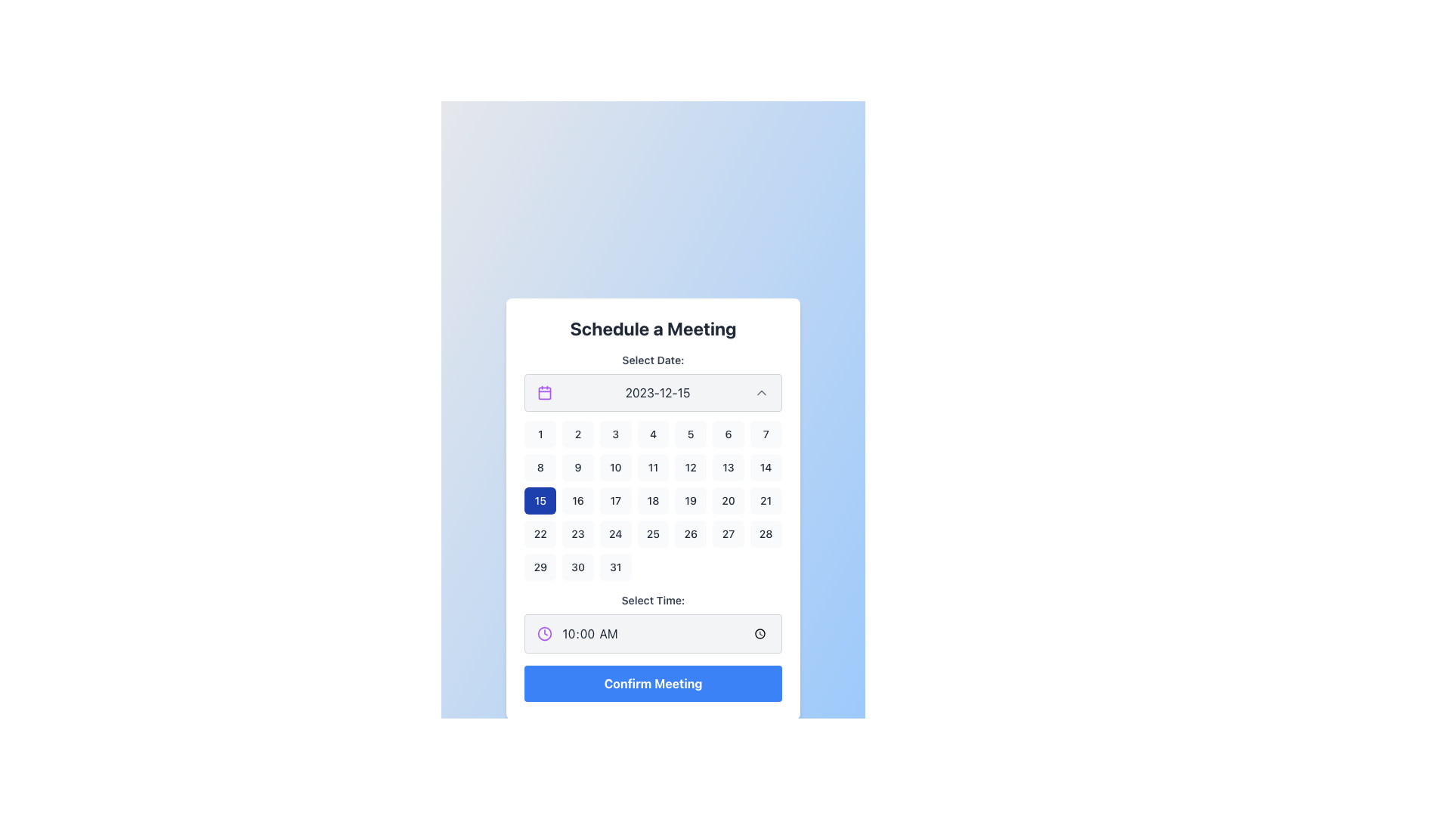 The width and height of the screenshot is (1451, 816). I want to click on the calendar icon with a purple outline located at the leftmost part of the input box displaying the date '2023-12-15', so click(544, 392).